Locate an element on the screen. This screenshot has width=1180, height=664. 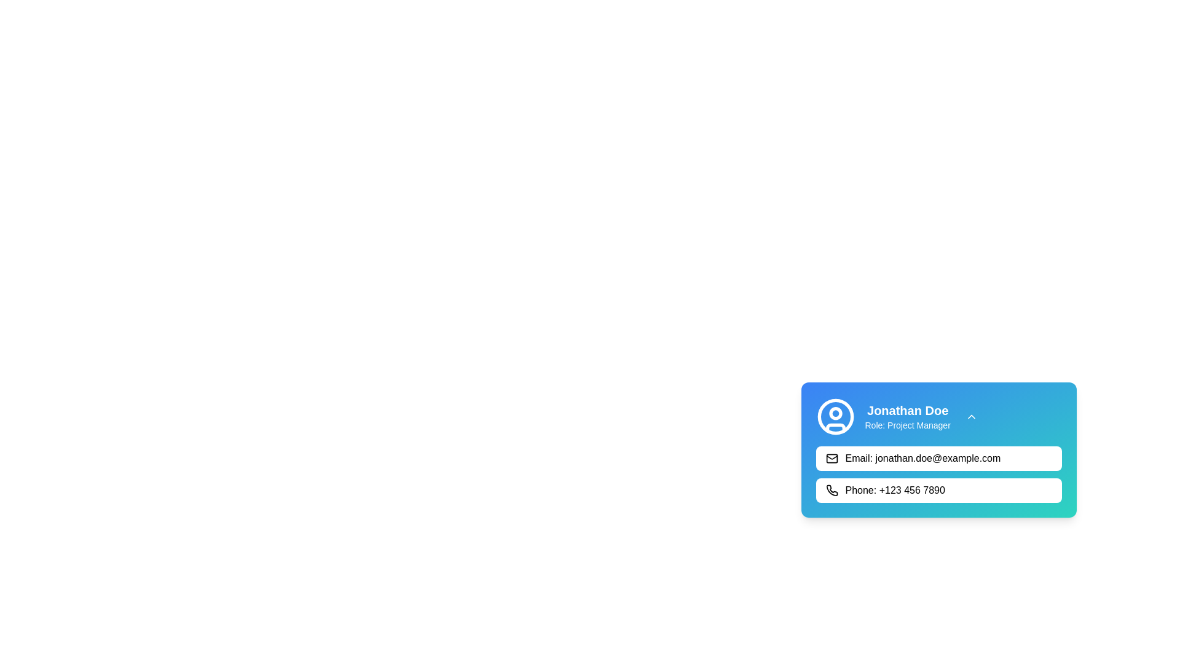
the Dropdown toggle icon located to the right of the user's name and title in the profile card to check for potential feedback is located at coordinates (970, 416).